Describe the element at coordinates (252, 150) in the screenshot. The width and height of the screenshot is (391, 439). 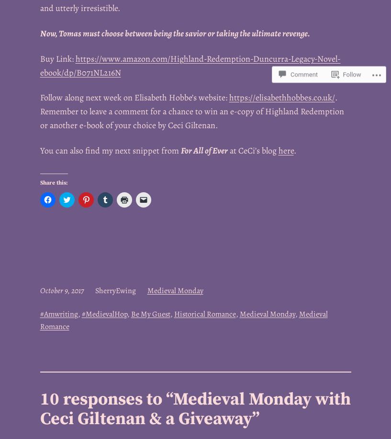
I see `'at CeCi’s blog'` at that location.